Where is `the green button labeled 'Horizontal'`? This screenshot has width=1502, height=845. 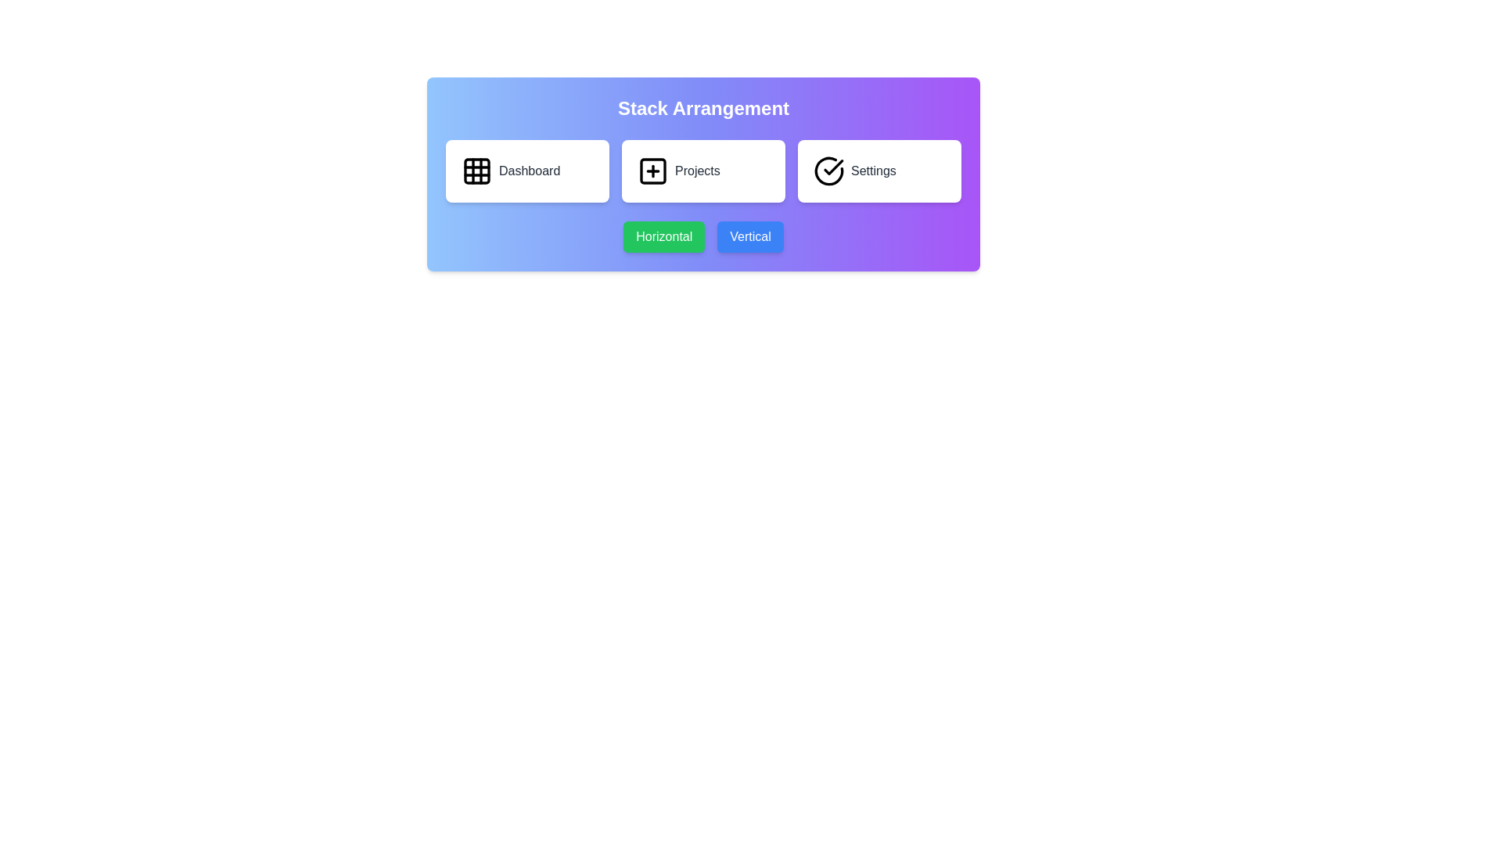
the green button labeled 'Horizontal' is located at coordinates (664, 237).